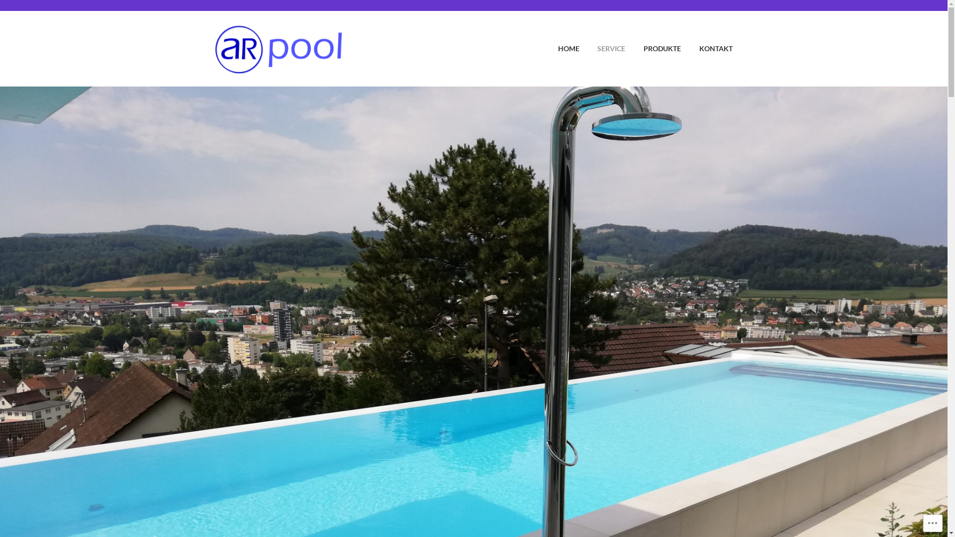 The height and width of the screenshot is (537, 955). What do you see at coordinates (603, 48) in the screenshot?
I see `'SERVICE'` at bounding box center [603, 48].